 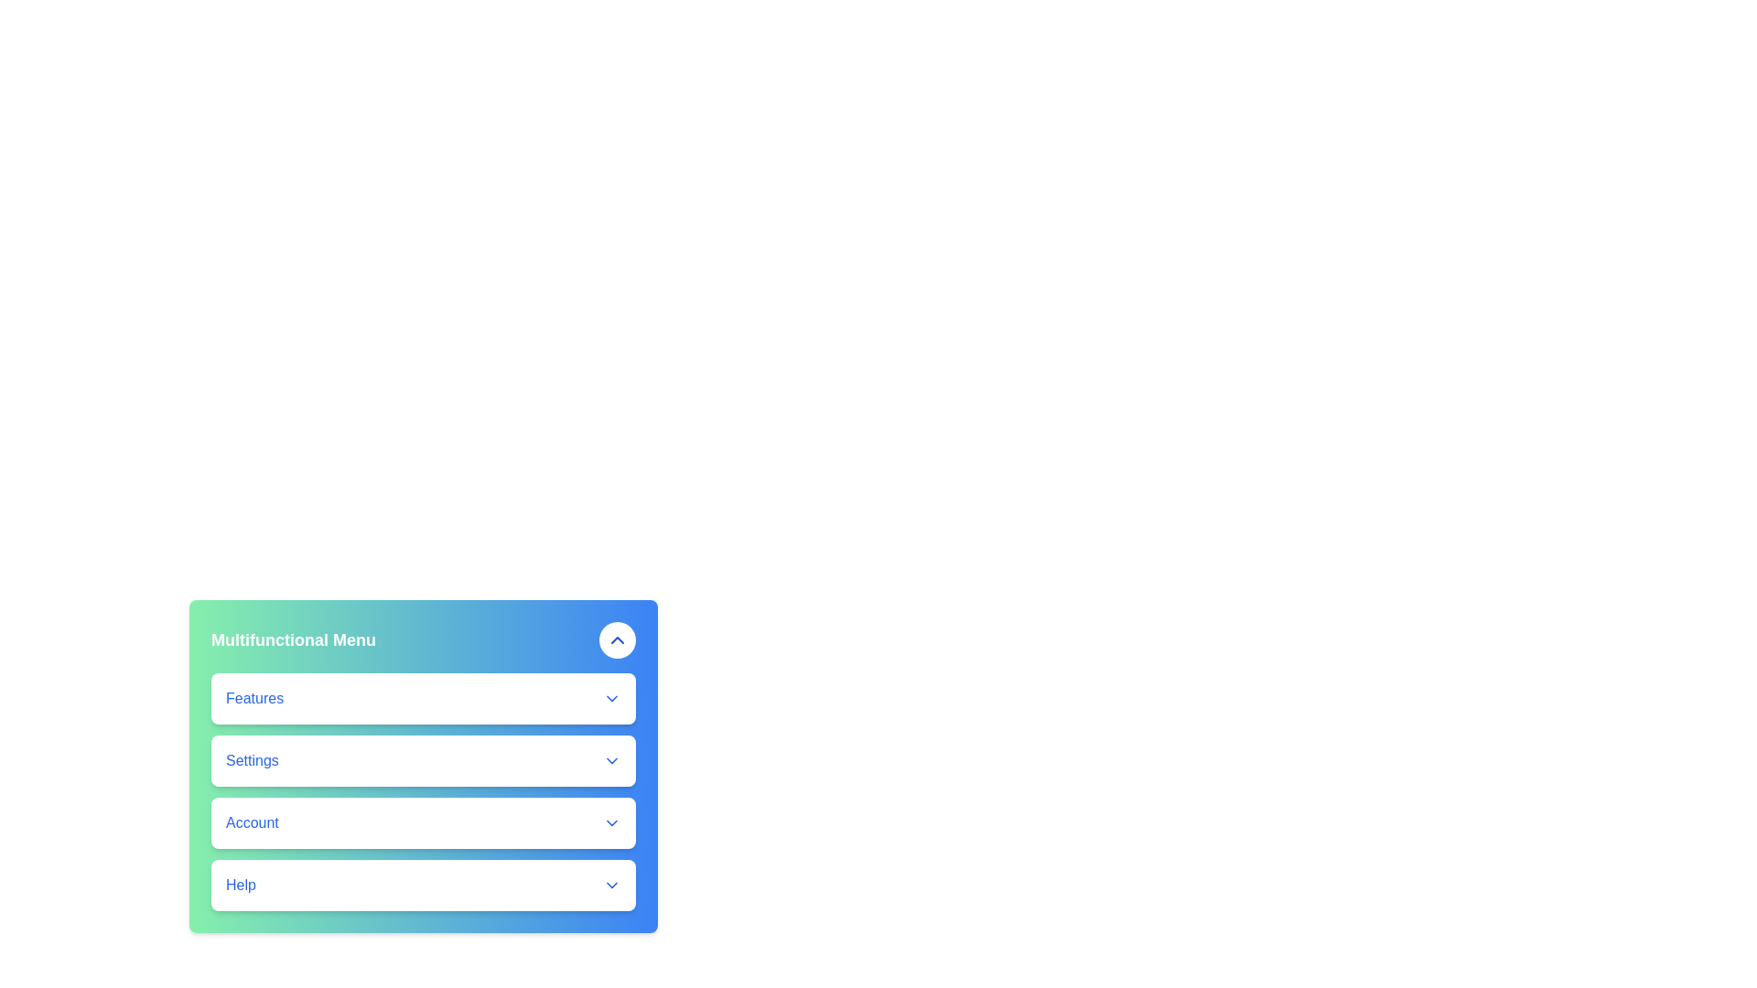 I want to click on the first item in the dropdown menu, so click(x=422, y=698).